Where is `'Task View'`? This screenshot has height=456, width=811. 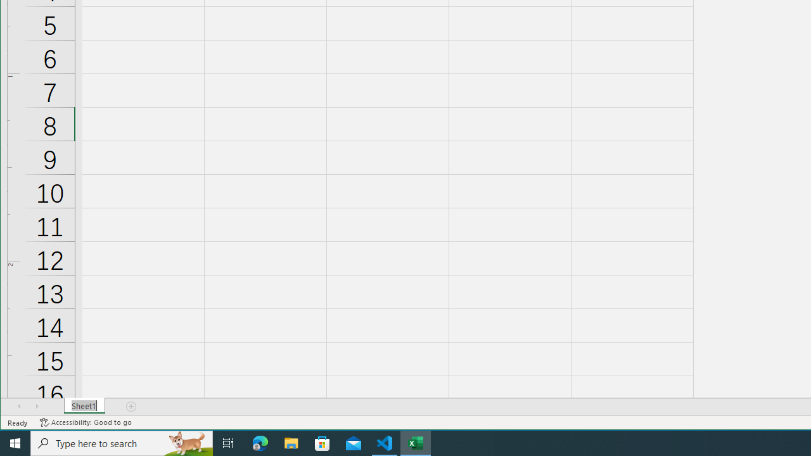
'Task View' is located at coordinates (227, 442).